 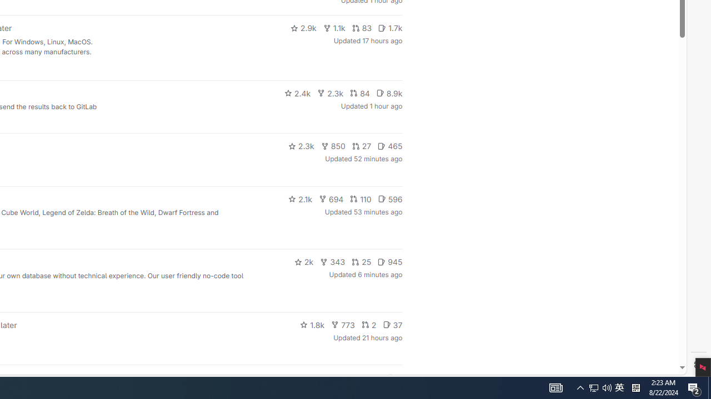 What do you see at coordinates (333, 28) in the screenshot?
I see `'1.1k'` at bounding box center [333, 28].